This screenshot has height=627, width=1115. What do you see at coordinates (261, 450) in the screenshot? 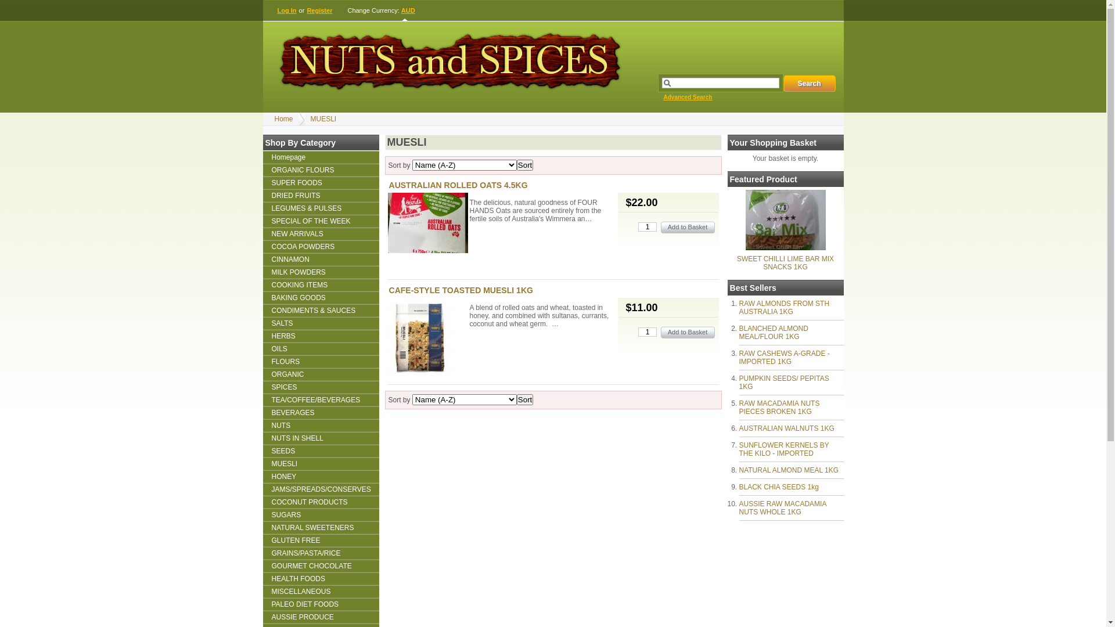
I see `'SEEDS'` at bounding box center [261, 450].